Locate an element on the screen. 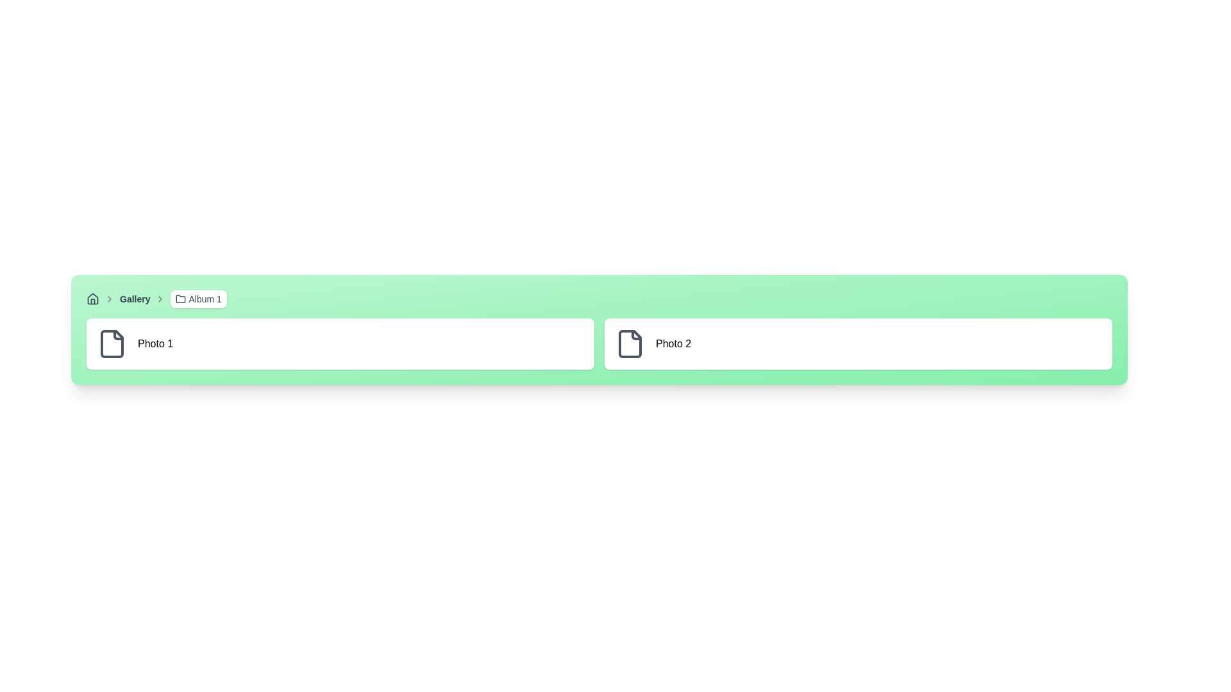  small gray chevron-shaped icon pointing right, located in the breadcrumb navigation bar between the home icon and the text 'Gallery' is located at coordinates (110, 299).